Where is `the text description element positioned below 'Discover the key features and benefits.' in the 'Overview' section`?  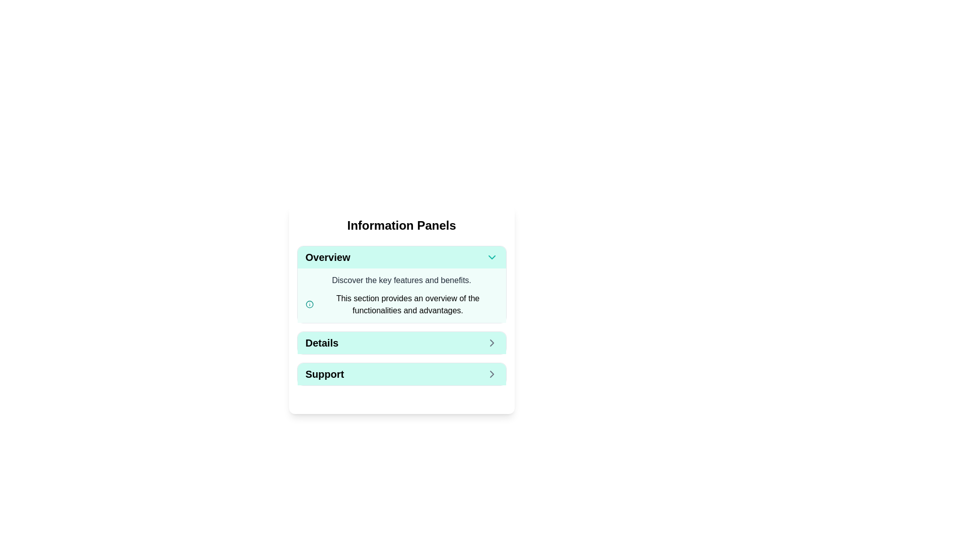 the text description element positioned below 'Discover the key features and benefits.' in the 'Overview' section is located at coordinates (401, 304).